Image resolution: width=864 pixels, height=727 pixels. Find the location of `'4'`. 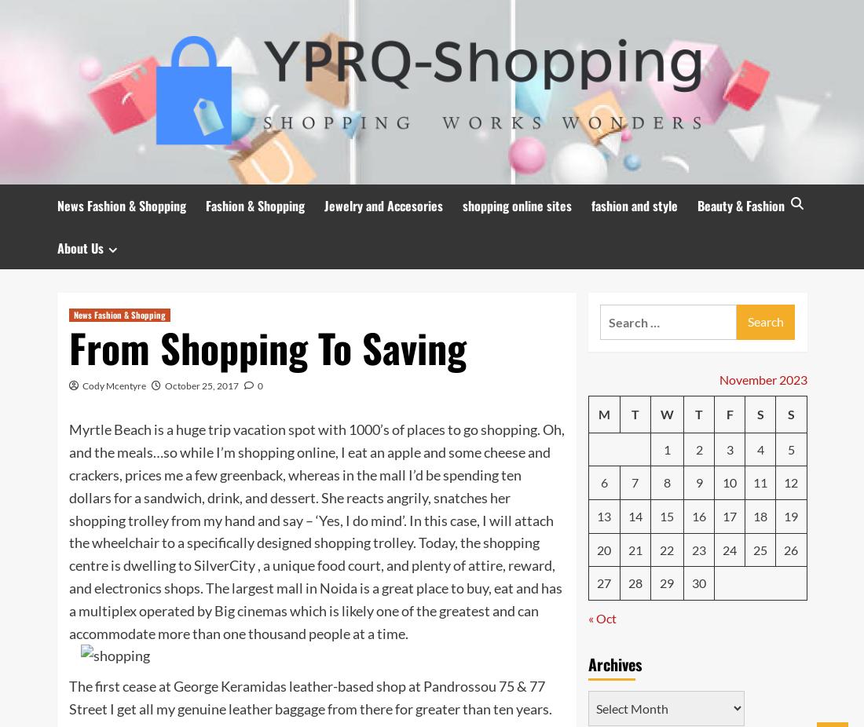

'4' is located at coordinates (759, 448).